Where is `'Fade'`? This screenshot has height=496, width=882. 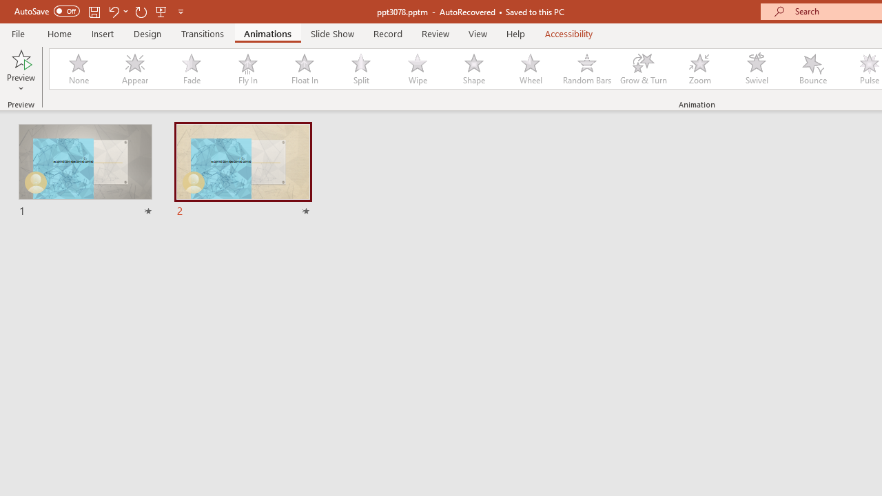 'Fade' is located at coordinates (190, 69).